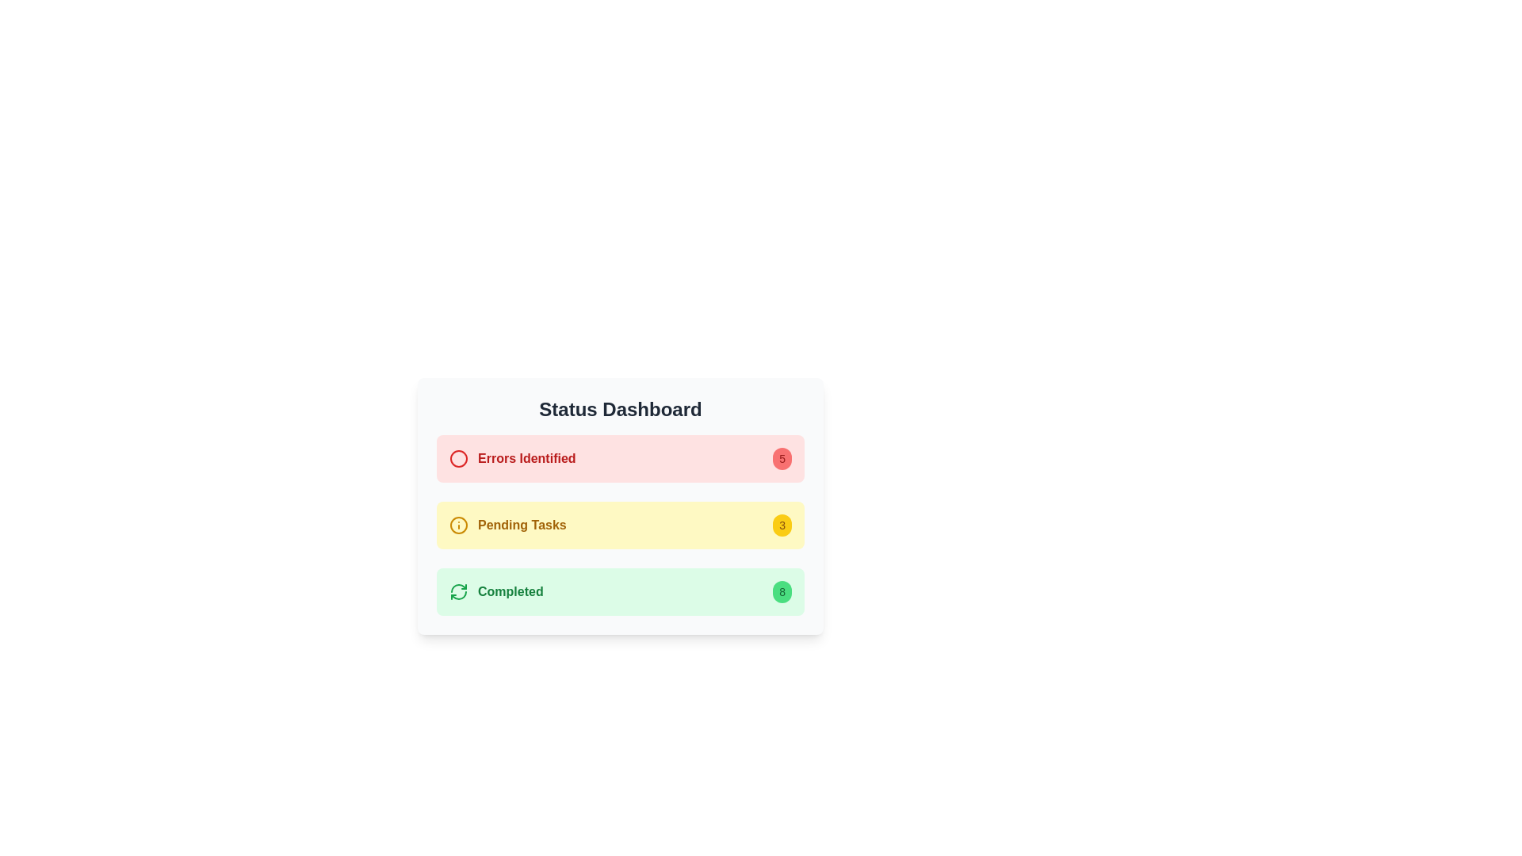 This screenshot has height=856, width=1522. I want to click on the red circular icon symbolizing an error or notification, so click(458, 458).